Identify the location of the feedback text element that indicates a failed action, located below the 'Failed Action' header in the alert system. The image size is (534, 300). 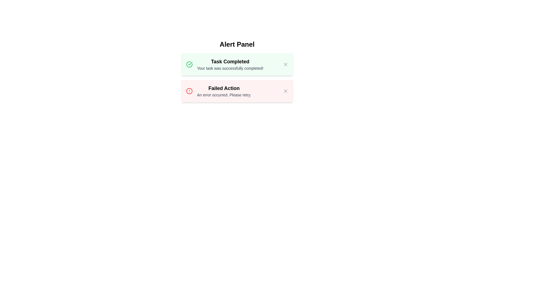
(224, 95).